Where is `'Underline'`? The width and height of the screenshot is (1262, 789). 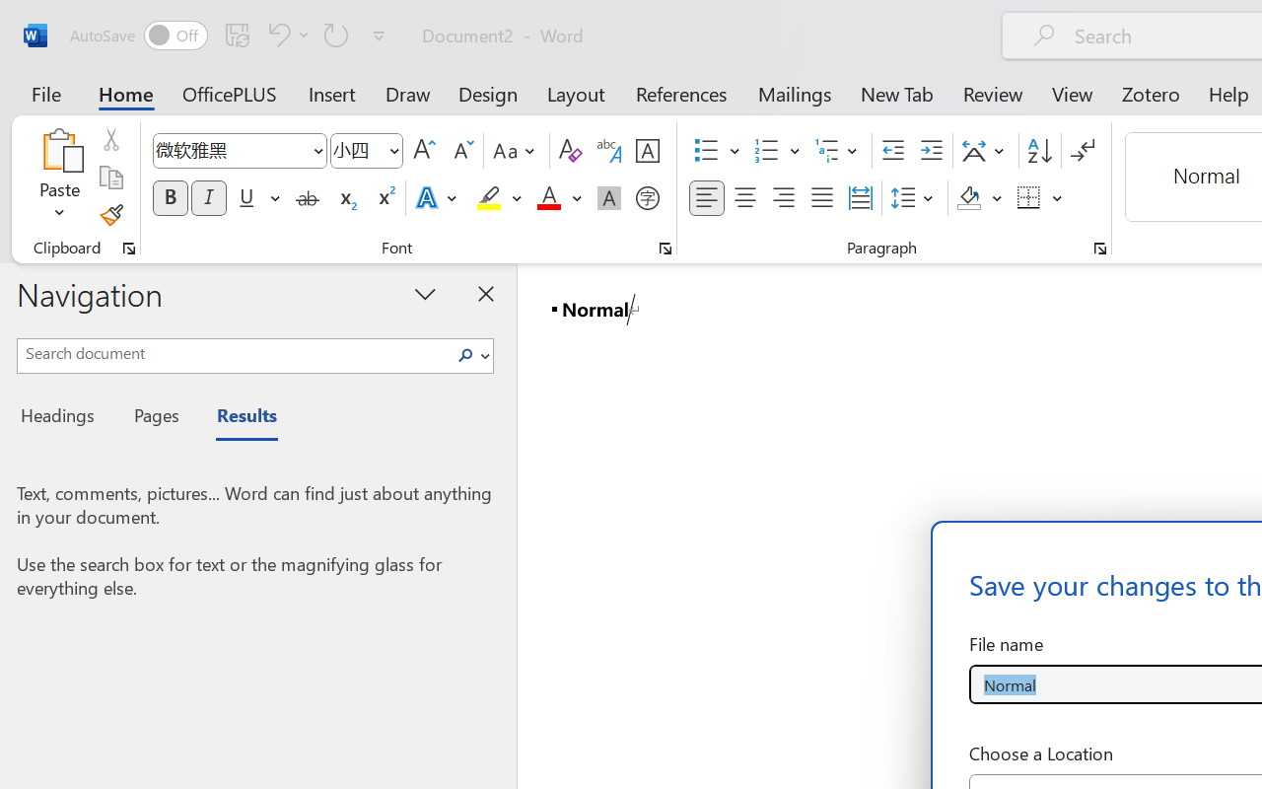 'Underline' is located at coordinates (245, 198).